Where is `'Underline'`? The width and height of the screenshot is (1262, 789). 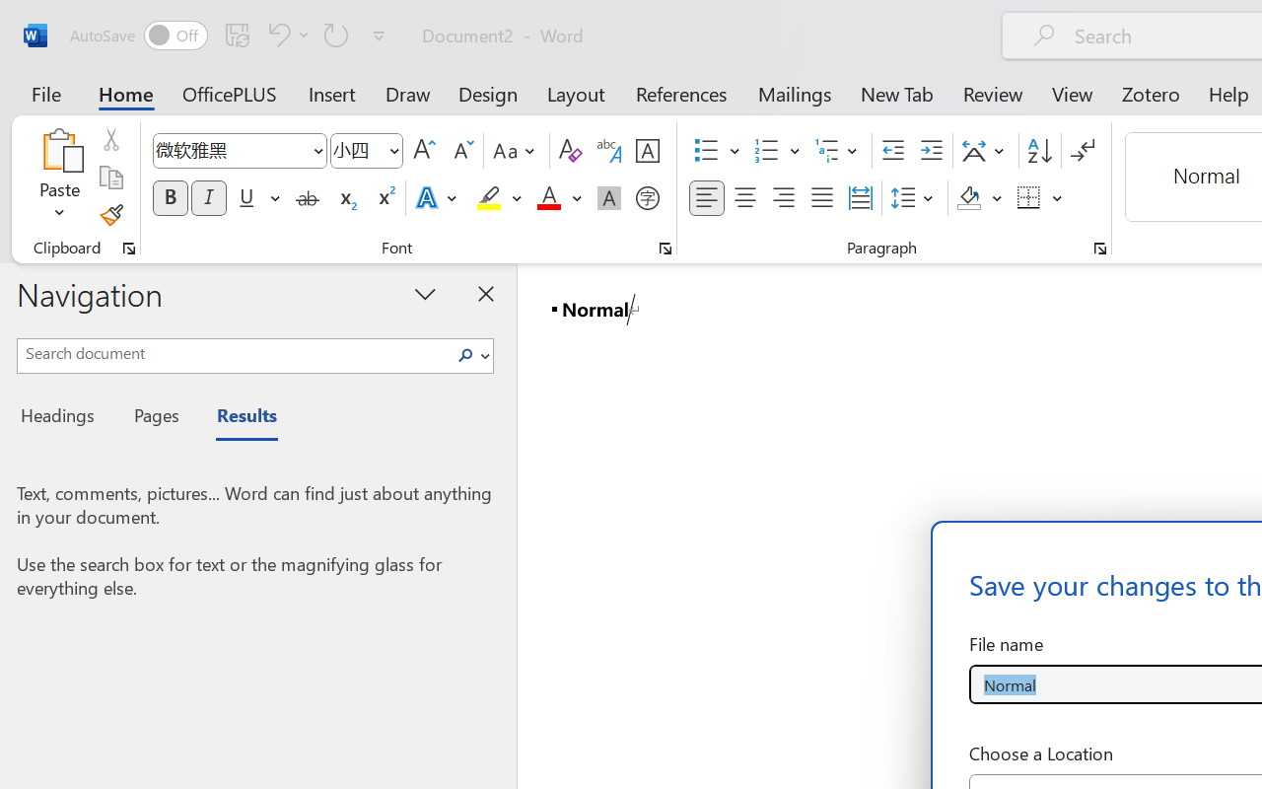 'Underline' is located at coordinates (245, 198).